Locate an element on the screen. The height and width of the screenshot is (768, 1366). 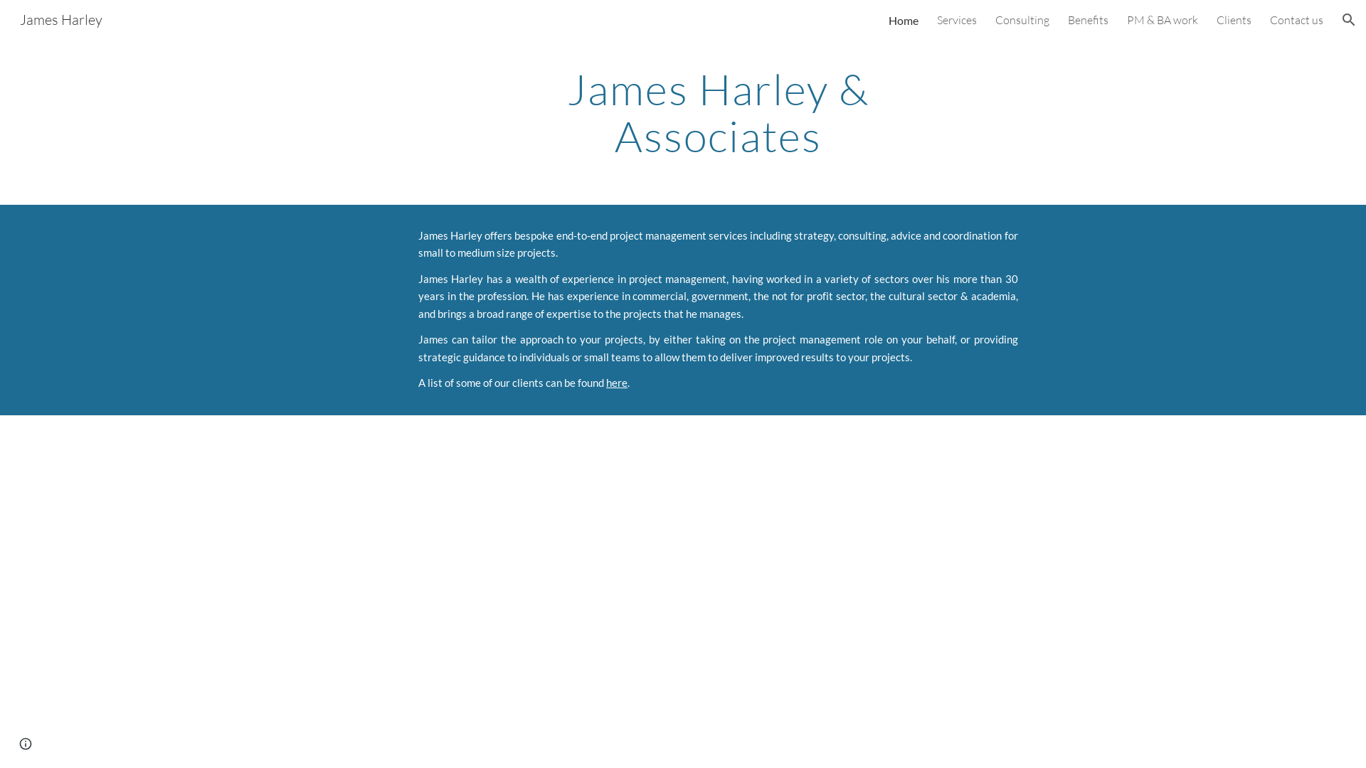
'James Harley' is located at coordinates (60, 18).